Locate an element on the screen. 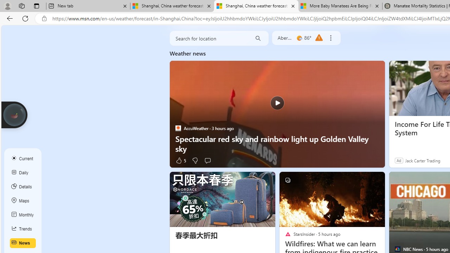 This screenshot has height=253, width=450. 'AccuWeather' is located at coordinates (178, 128).